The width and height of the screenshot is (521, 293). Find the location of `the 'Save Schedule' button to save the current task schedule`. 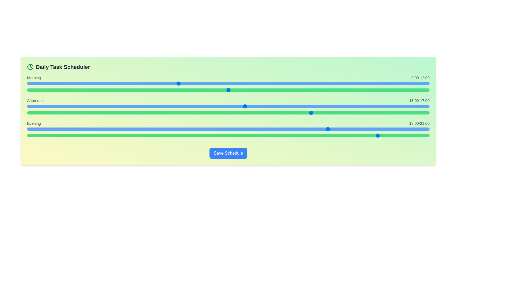

the 'Save Schedule' button to save the current task schedule is located at coordinates (228, 153).